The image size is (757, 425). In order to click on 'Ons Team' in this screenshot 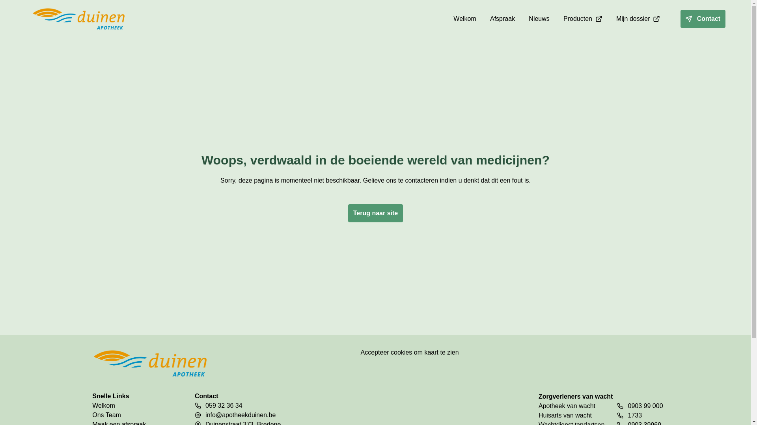, I will do `click(92, 415)`.